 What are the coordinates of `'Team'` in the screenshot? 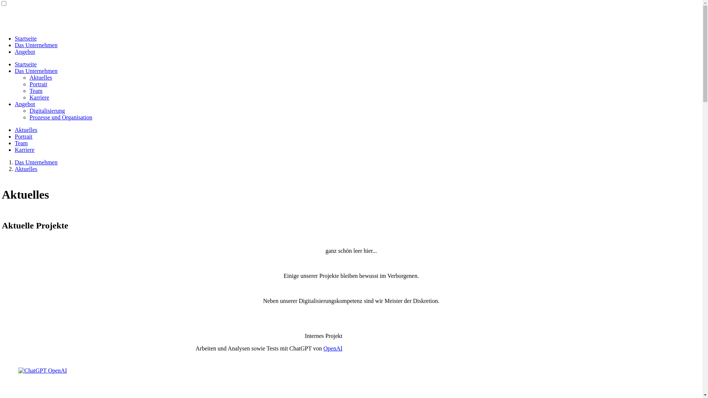 It's located at (21, 143).